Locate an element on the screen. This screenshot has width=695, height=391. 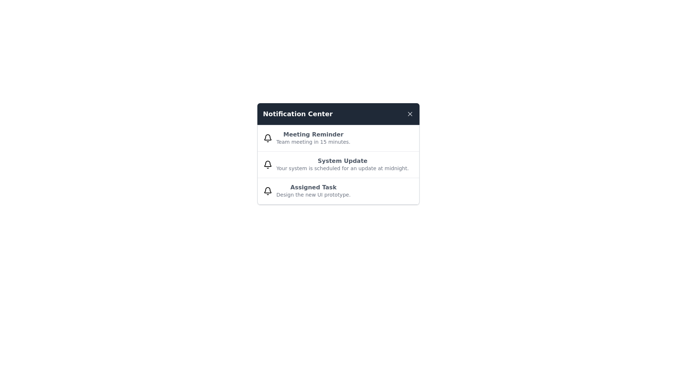
the system update notification icon located at the leftmost part of the 'System Update' notification item in the notification panel is located at coordinates (267, 165).